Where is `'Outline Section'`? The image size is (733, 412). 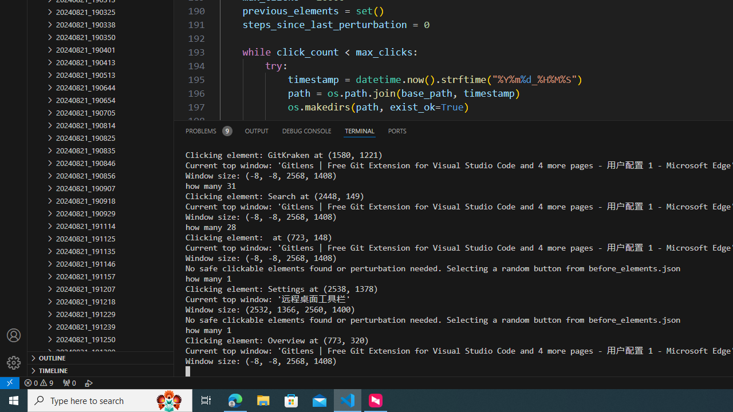
'Outline Section' is located at coordinates (101, 356).